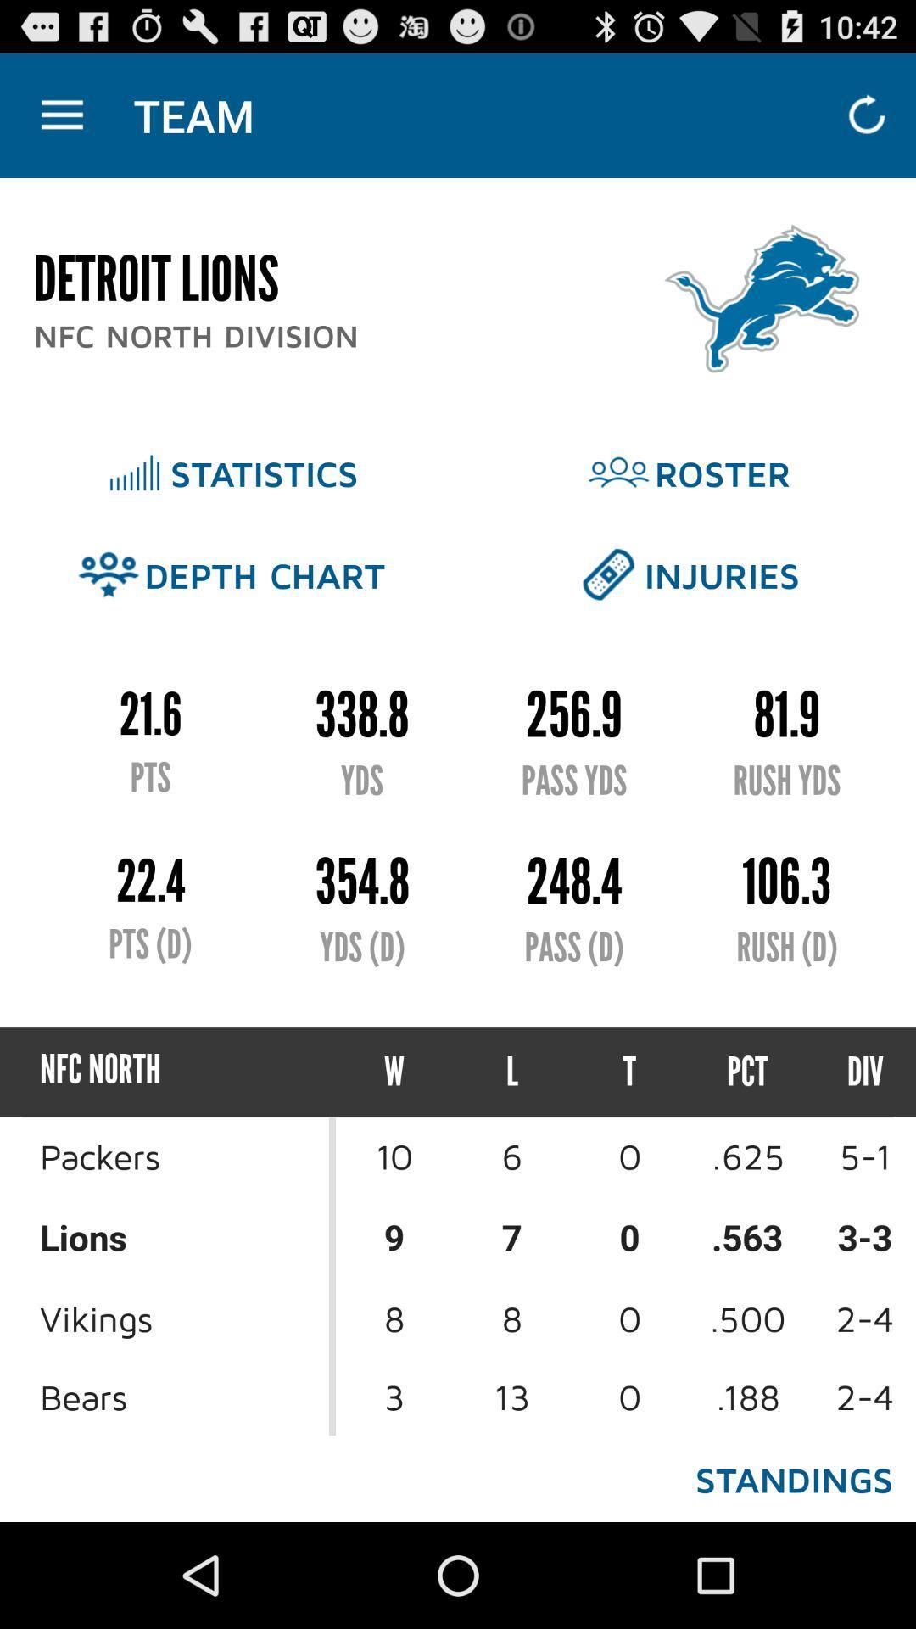 Image resolution: width=916 pixels, height=1629 pixels. Describe the element at coordinates (746, 1071) in the screenshot. I see `the pct` at that location.